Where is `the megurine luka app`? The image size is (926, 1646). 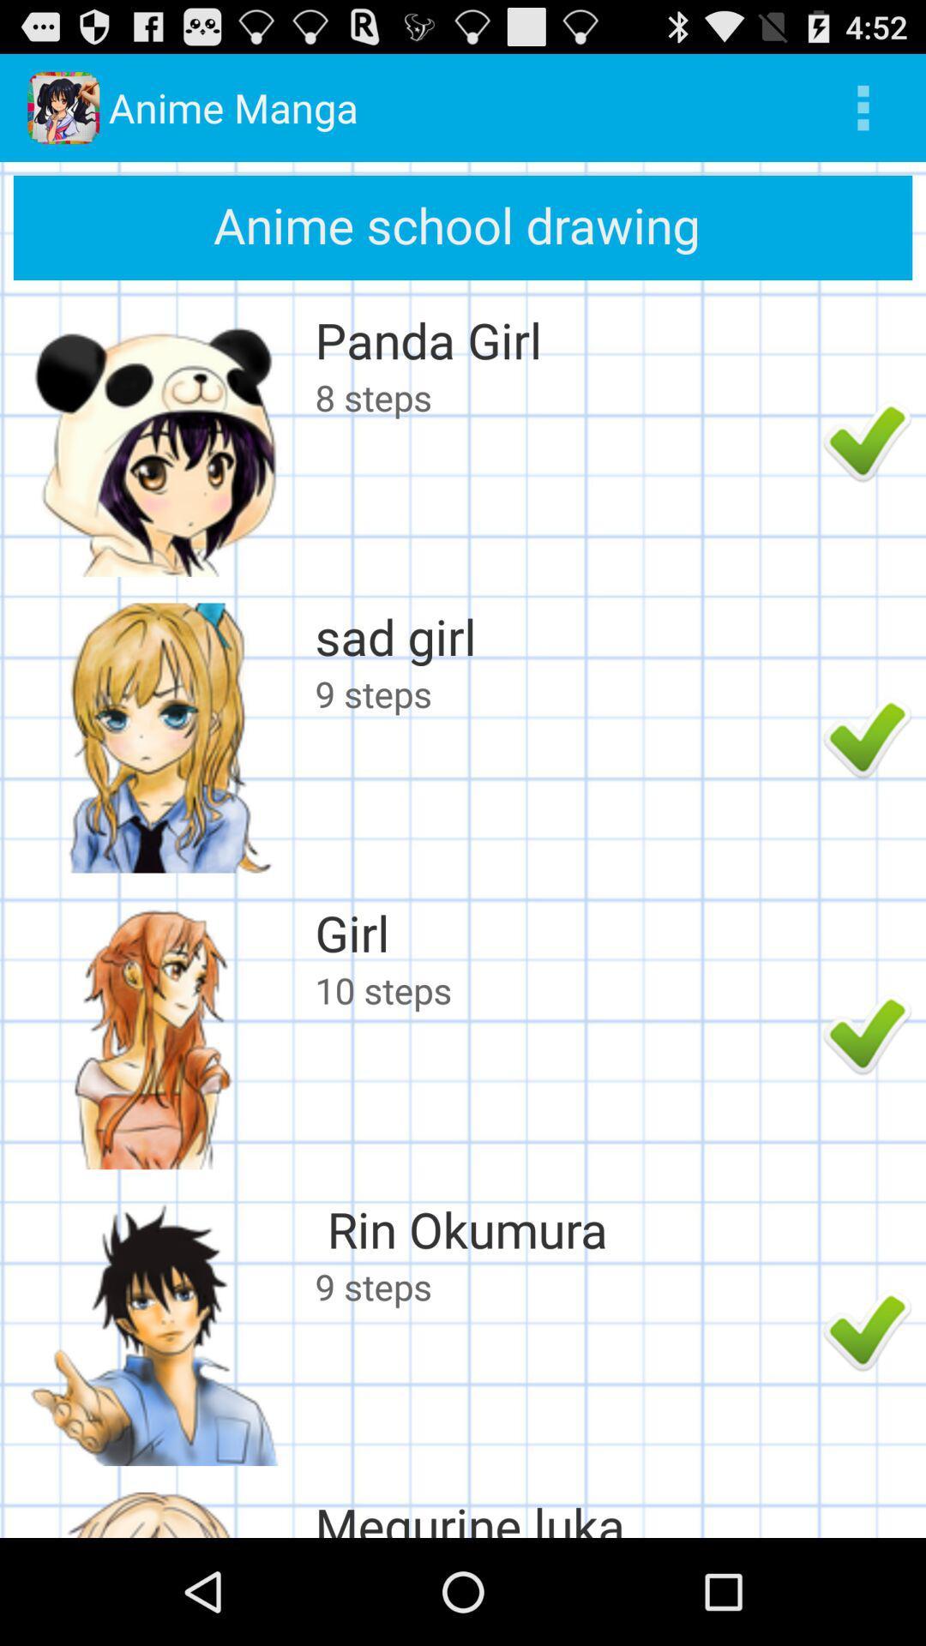 the megurine luka app is located at coordinates (564, 1515).